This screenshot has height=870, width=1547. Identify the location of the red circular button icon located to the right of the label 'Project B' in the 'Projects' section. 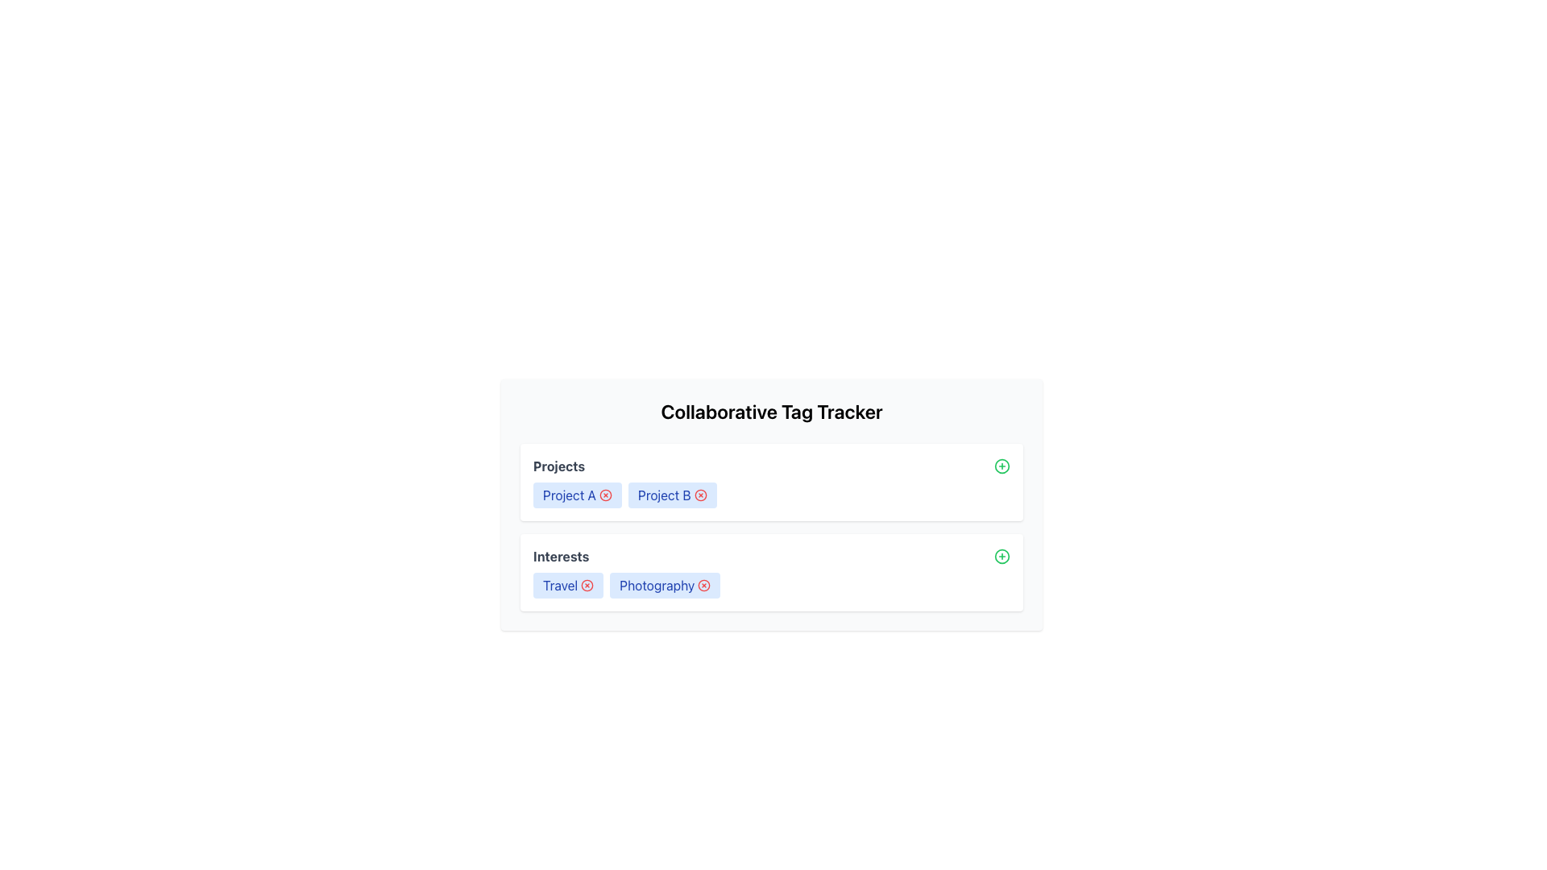
(700, 494).